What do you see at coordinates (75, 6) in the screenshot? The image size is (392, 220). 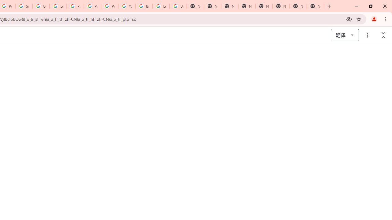 I see `'Privacy Help Center - Policies Help'` at bounding box center [75, 6].